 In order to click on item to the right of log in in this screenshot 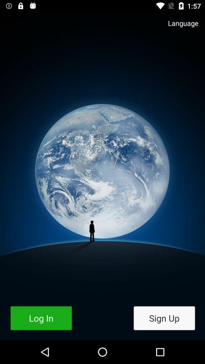, I will do `click(164, 318)`.